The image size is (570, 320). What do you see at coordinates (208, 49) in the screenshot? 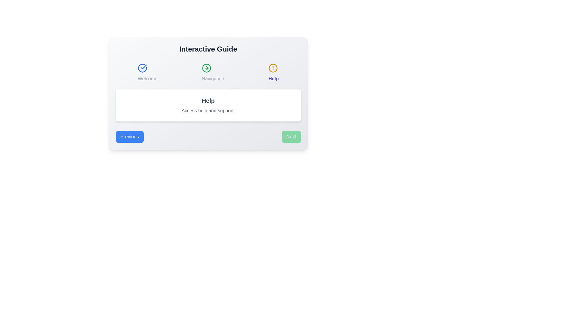
I see `the Text Label that serves as the title for the content panel, located at the top of the centered rectangular panel above the icons labeled 'Welcome', 'Navigation', and 'Help'` at bounding box center [208, 49].